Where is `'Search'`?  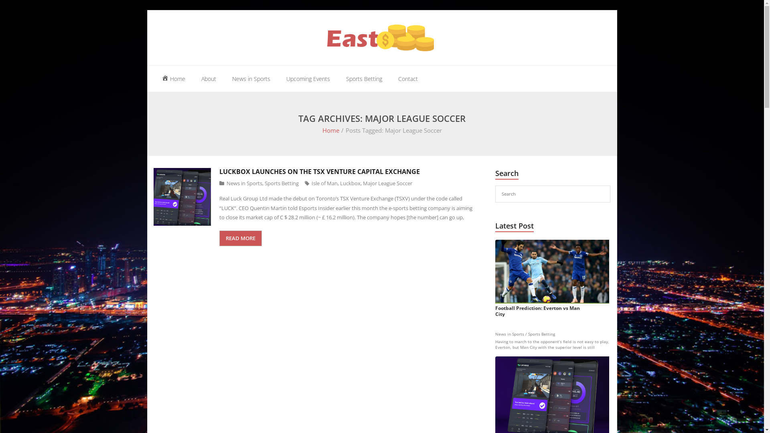 'Search' is located at coordinates (18, 8).